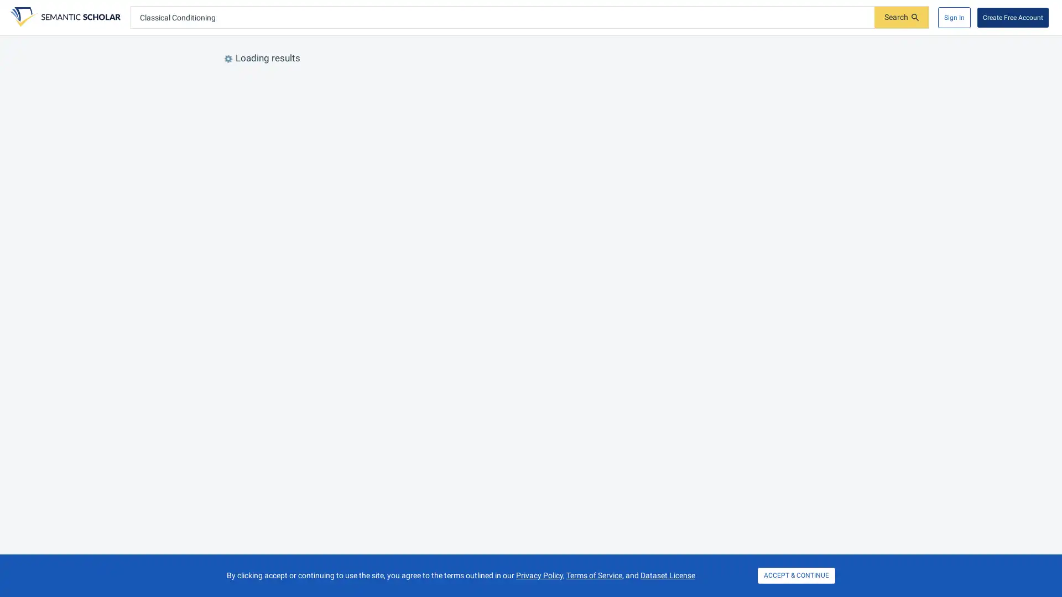 This screenshot has width=1062, height=597. Describe the element at coordinates (304, 225) in the screenshot. I see `Save to Library` at that location.